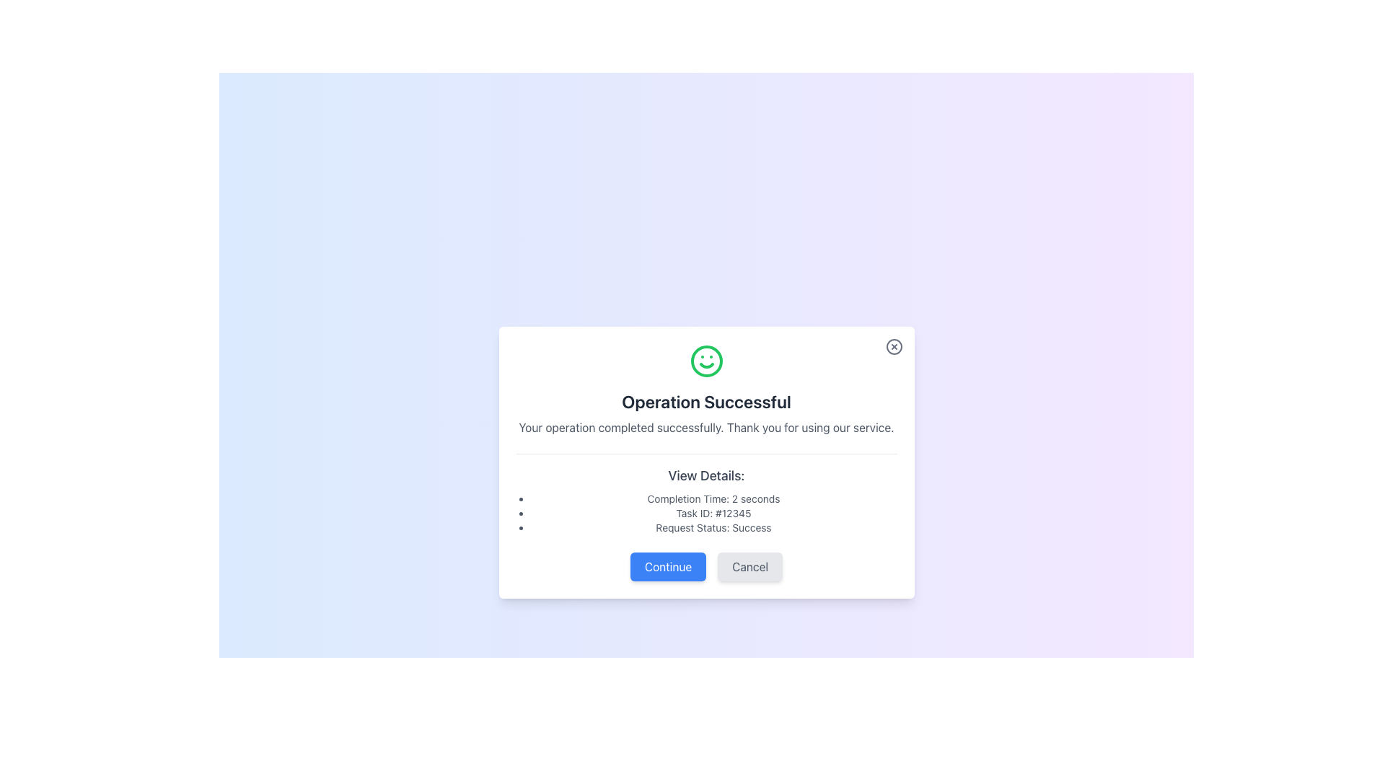 This screenshot has height=779, width=1385. Describe the element at coordinates (713, 527) in the screenshot. I see `the text element displaying 'Request Status: Success', which is the last item in the bulleted list under 'View Details'` at that location.